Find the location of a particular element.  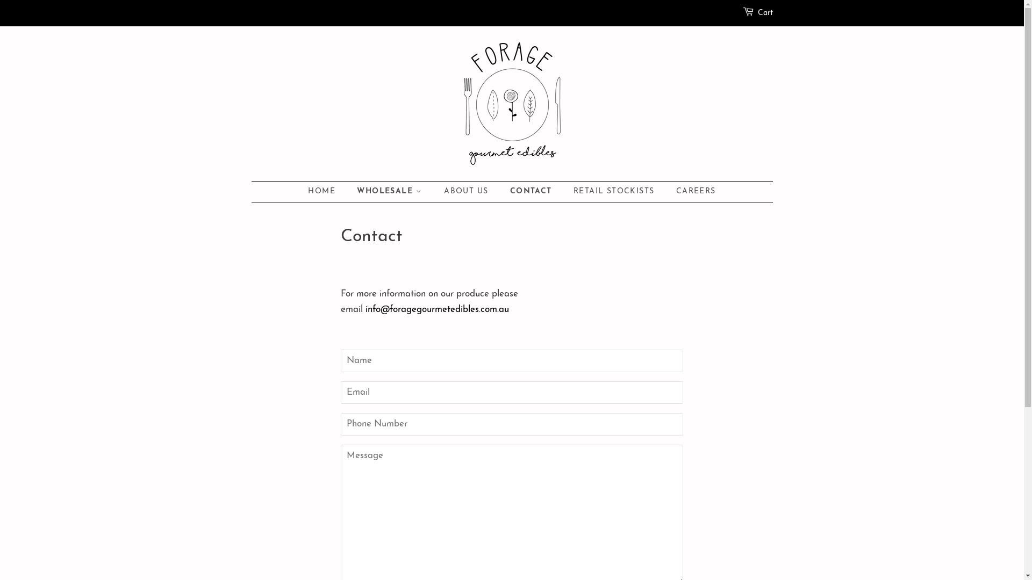

'RETAIL STOCKISTS' is located at coordinates (615, 191).